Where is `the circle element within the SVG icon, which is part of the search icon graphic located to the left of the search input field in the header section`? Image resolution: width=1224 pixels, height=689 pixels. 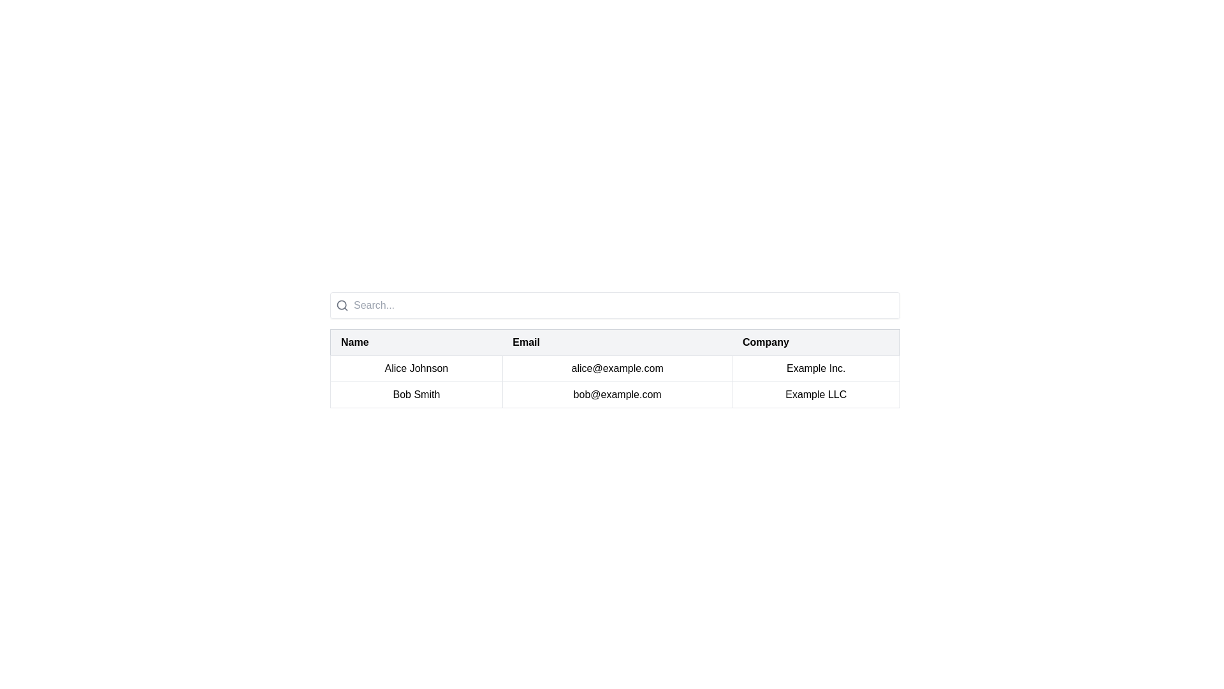
the circle element within the SVG icon, which is part of the search icon graphic located to the left of the search input field in the header section is located at coordinates (342, 305).